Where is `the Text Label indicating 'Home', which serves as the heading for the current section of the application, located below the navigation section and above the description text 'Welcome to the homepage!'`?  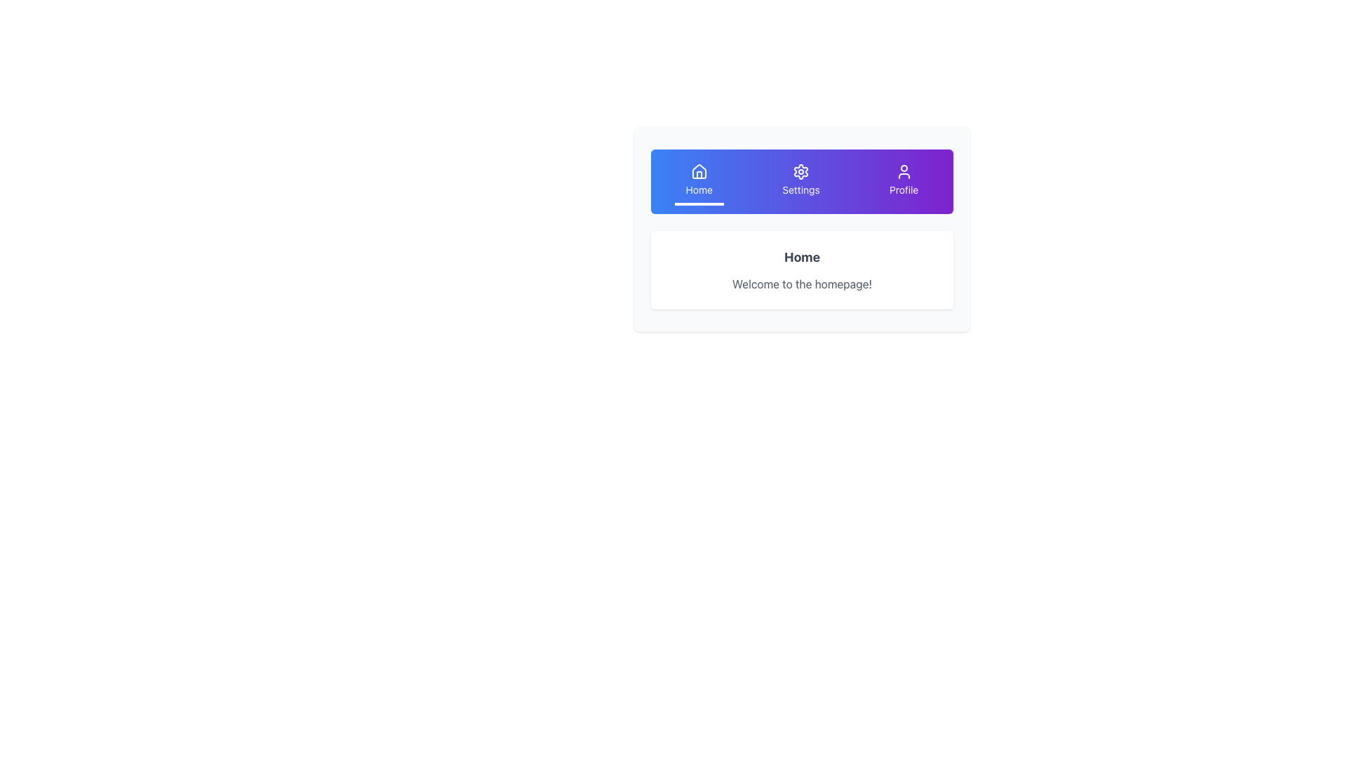 the Text Label indicating 'Home', which serves as the heading for the current section of the application, located below the navigation section and above the description text 'Welcome to the homepage!' is located at coordinates (802, 257).